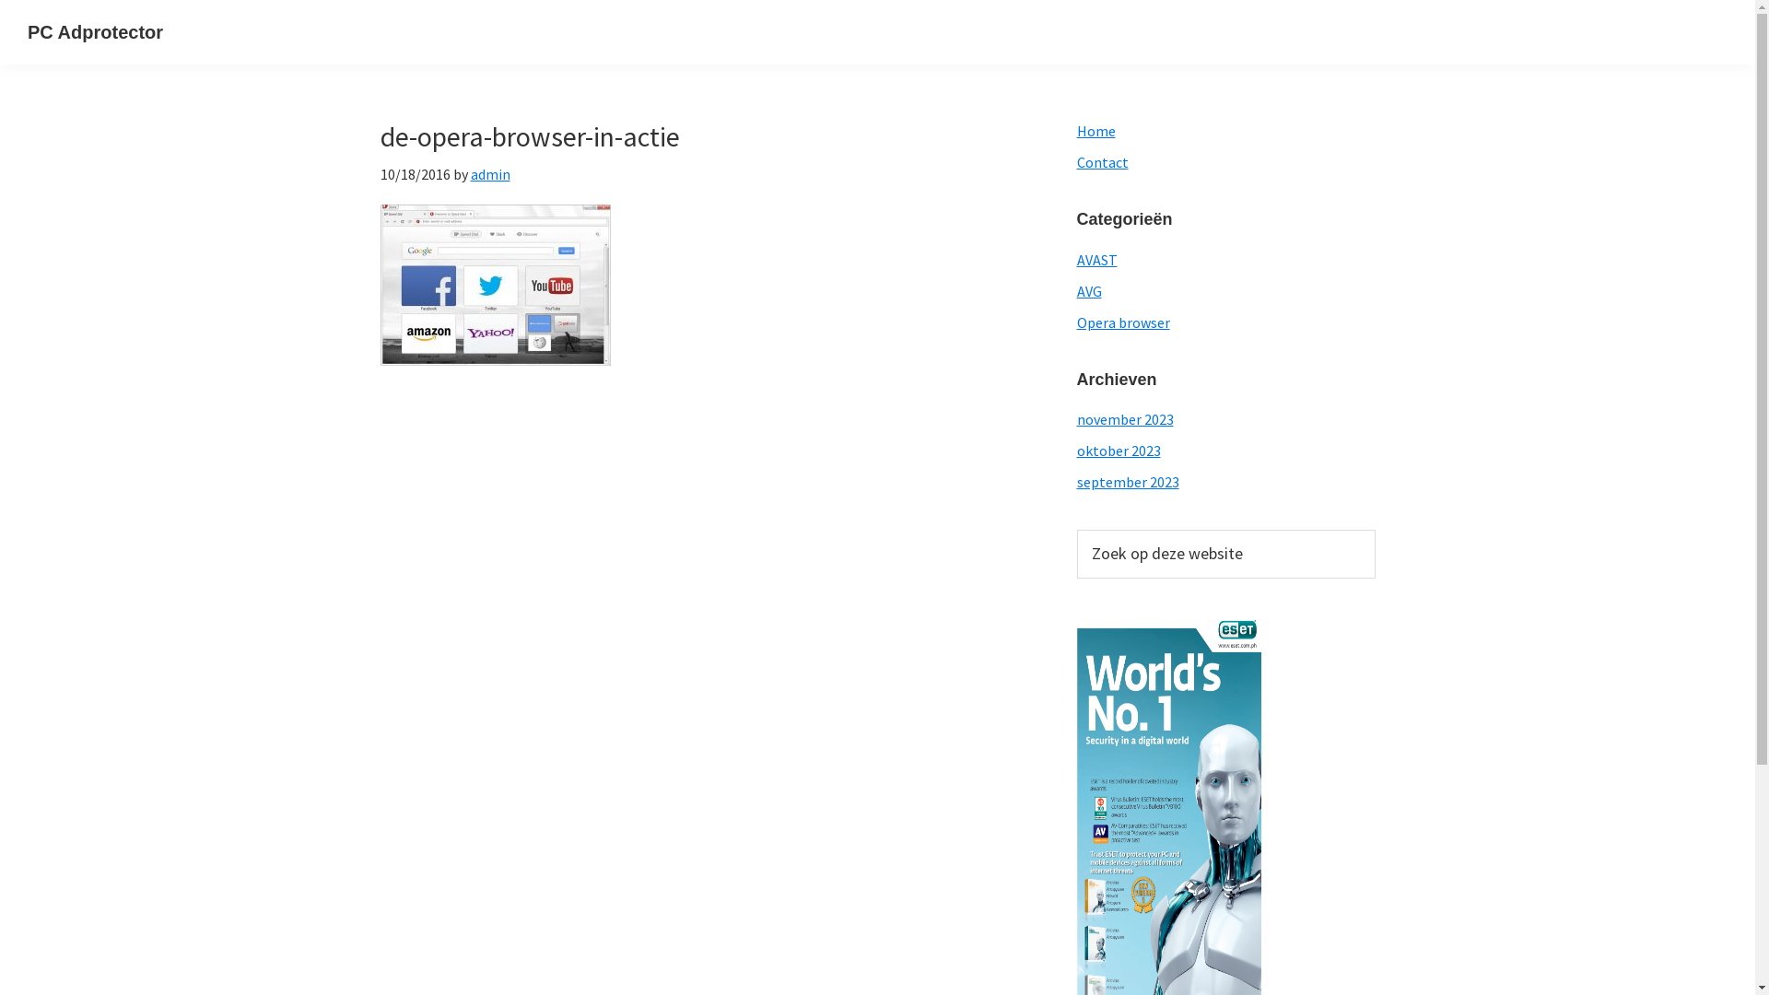 This screenshot has height=995, width=1769. I want to click on 'Contact', so click(1101, 161).